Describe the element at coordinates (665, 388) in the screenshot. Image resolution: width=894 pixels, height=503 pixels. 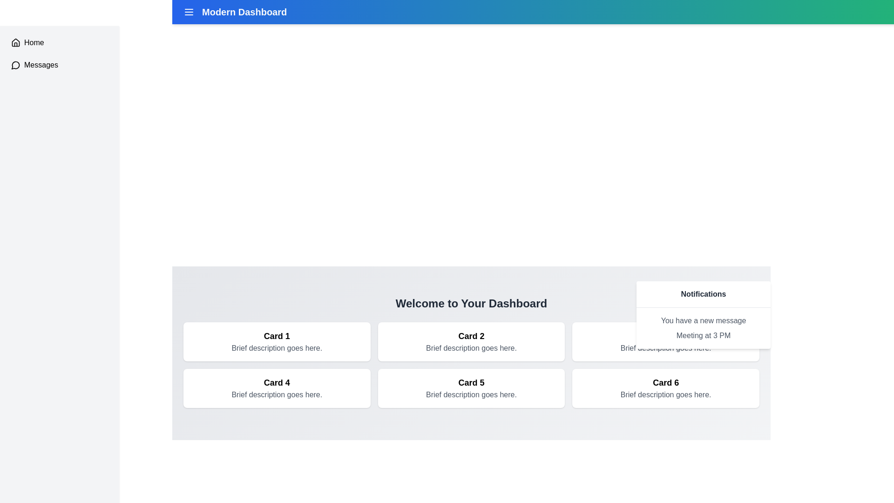
I see `the rectangular card labeled 'Card 6' with a white background, located at the bottom-right corner of the grid layout` at that location.